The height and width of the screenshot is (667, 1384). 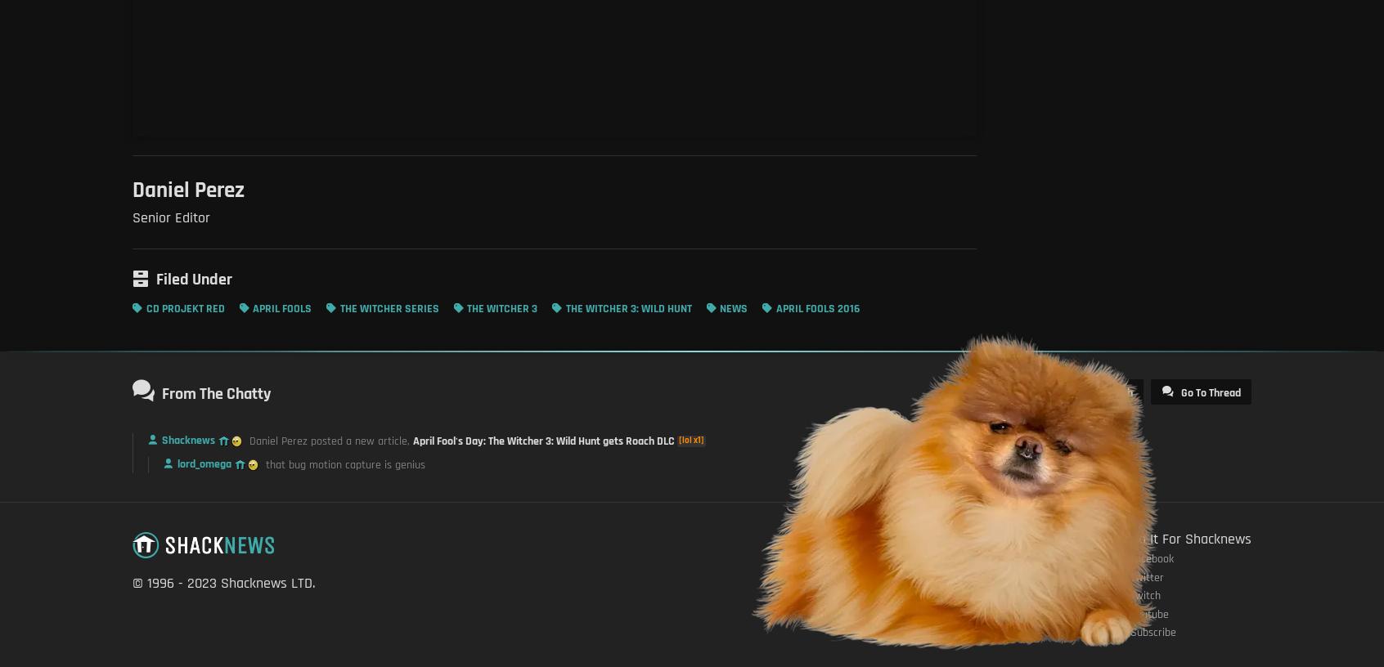 I want to click on 'April Fools 2016', so click(x=816, y=307).